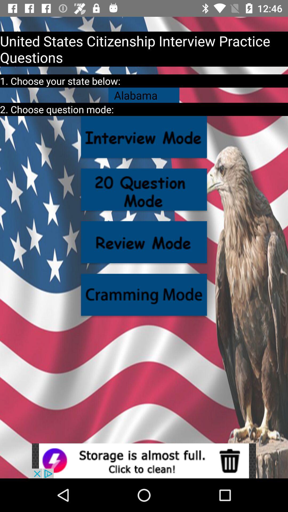  What do you see at coordinates (144, 137) in the screenshot?
I see `click the question option` at bounding box center [144, 137].